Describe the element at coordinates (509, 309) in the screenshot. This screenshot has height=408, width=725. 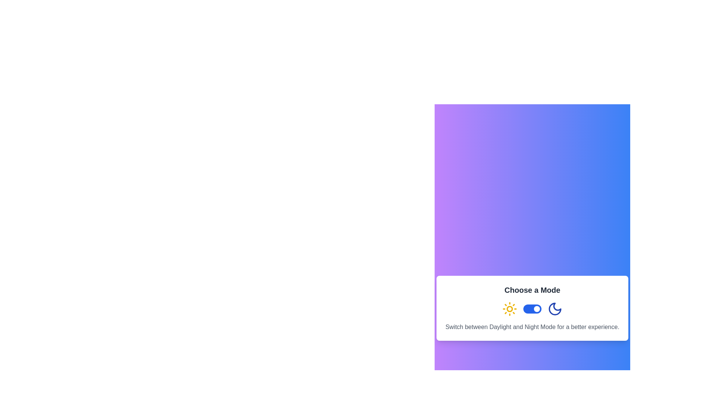
I see `the small circular graphical component located at the center of the sun icon within the 'Choose a Mode' interface section` at that location.